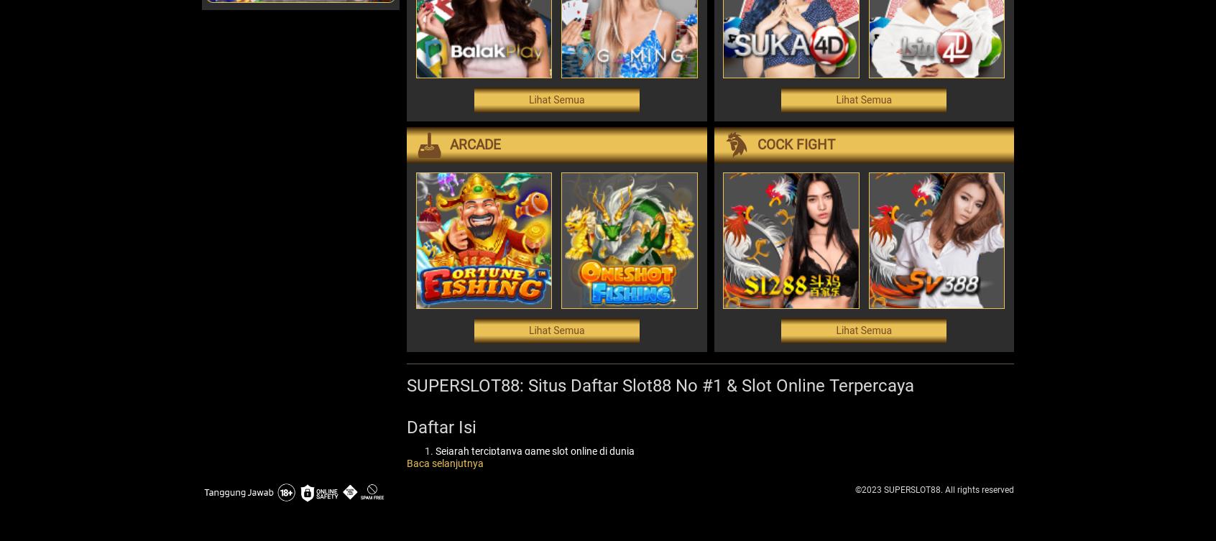  What do you see at coordinates (441, 427) in the screenshot?
I see `'Daftar Isi'` at bounding box center [441, 427].